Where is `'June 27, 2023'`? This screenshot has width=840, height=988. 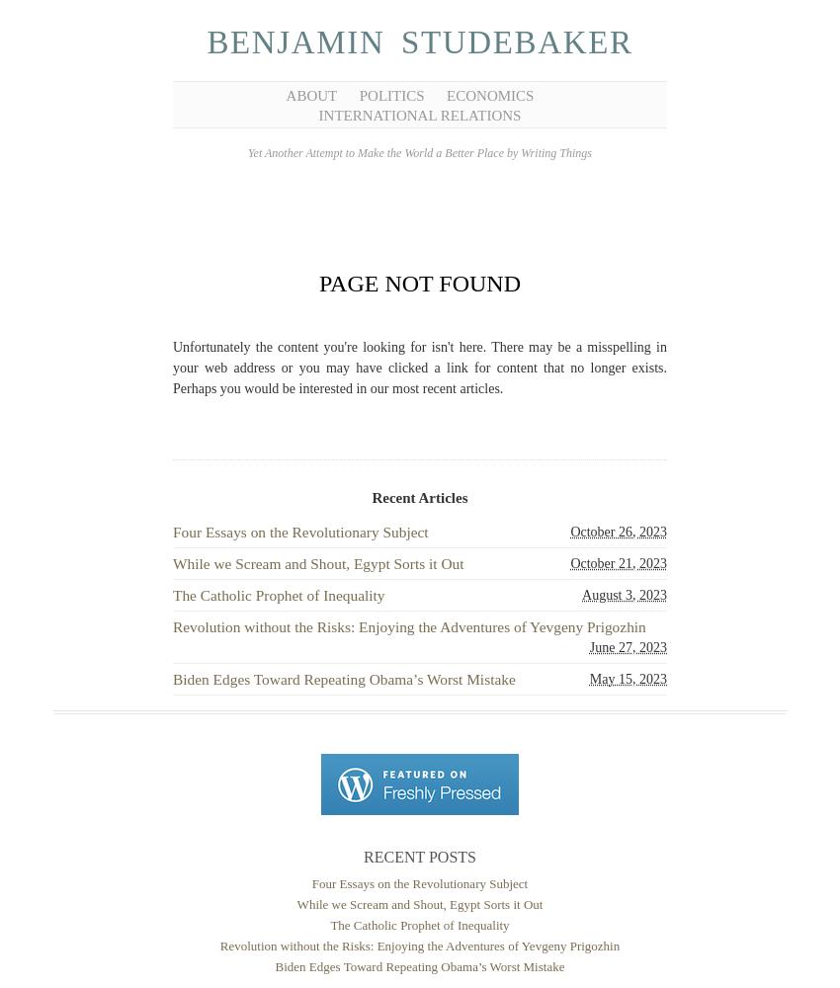 'June 27, 2023' is located at coordinates (627, 646).